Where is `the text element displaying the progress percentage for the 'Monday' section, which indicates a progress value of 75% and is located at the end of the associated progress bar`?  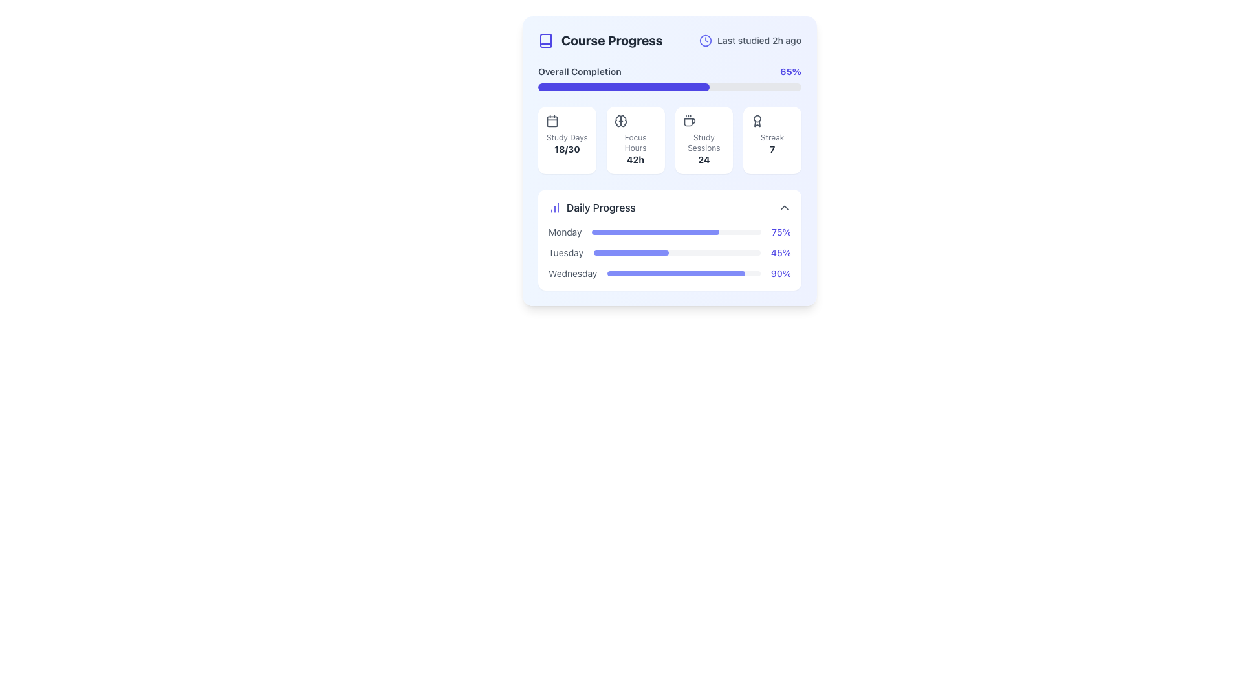
the text element displaying the progress percentage for the 'Monday' section, which indicates a progress value of 75% and is located at the end of the associated progress bar is located at coordinates (781, 231).